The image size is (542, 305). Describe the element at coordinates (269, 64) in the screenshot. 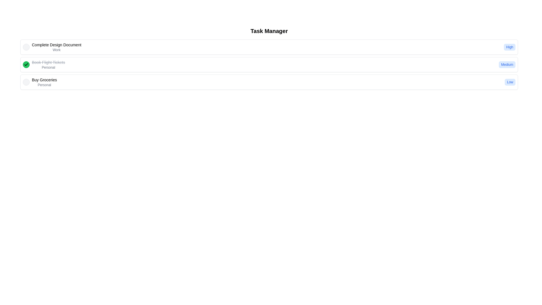

I see `the task item labeled 'Book Flight Tickets'` at that location.